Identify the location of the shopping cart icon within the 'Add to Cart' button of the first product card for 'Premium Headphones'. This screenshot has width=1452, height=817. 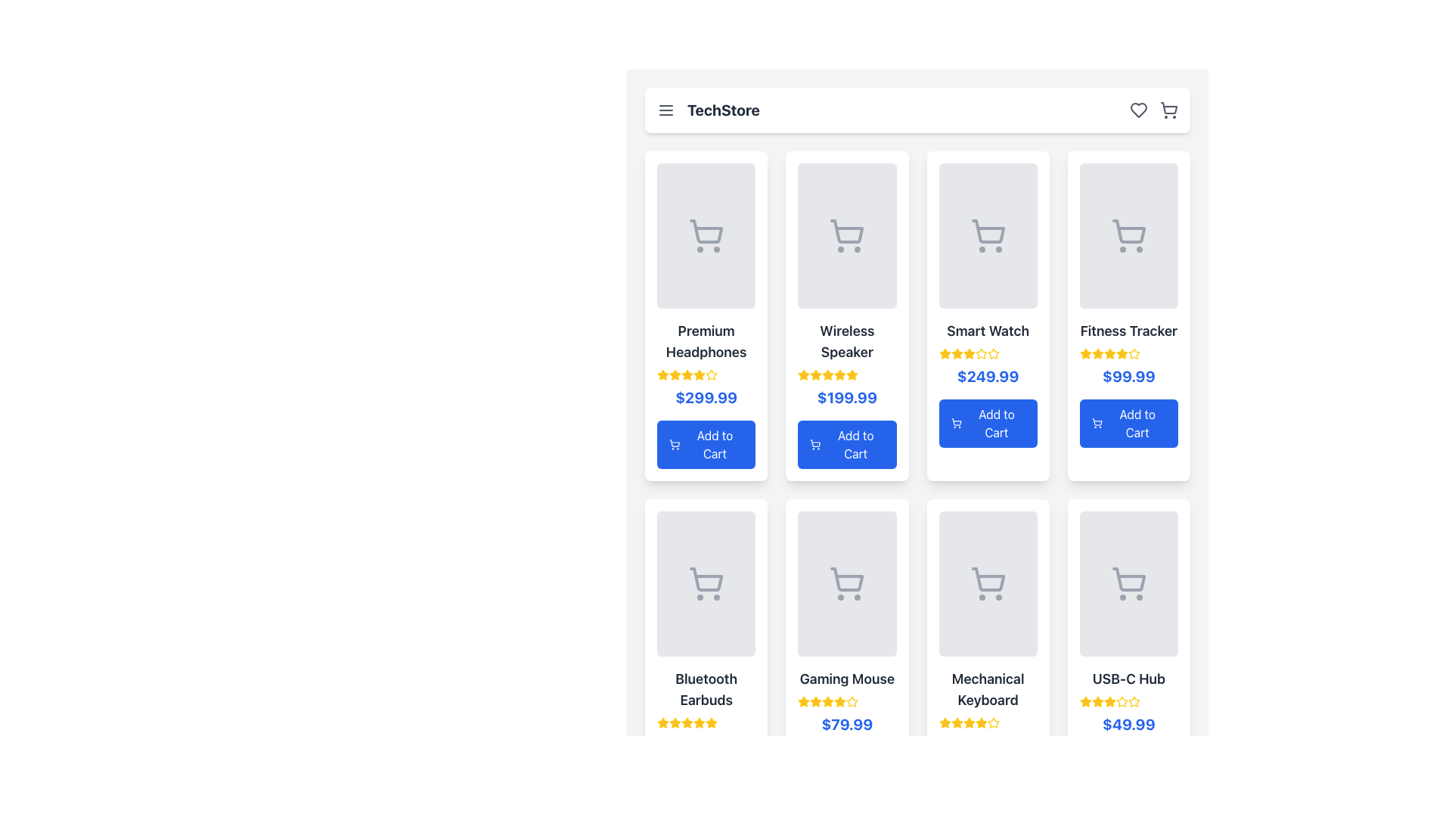
(674, 443).